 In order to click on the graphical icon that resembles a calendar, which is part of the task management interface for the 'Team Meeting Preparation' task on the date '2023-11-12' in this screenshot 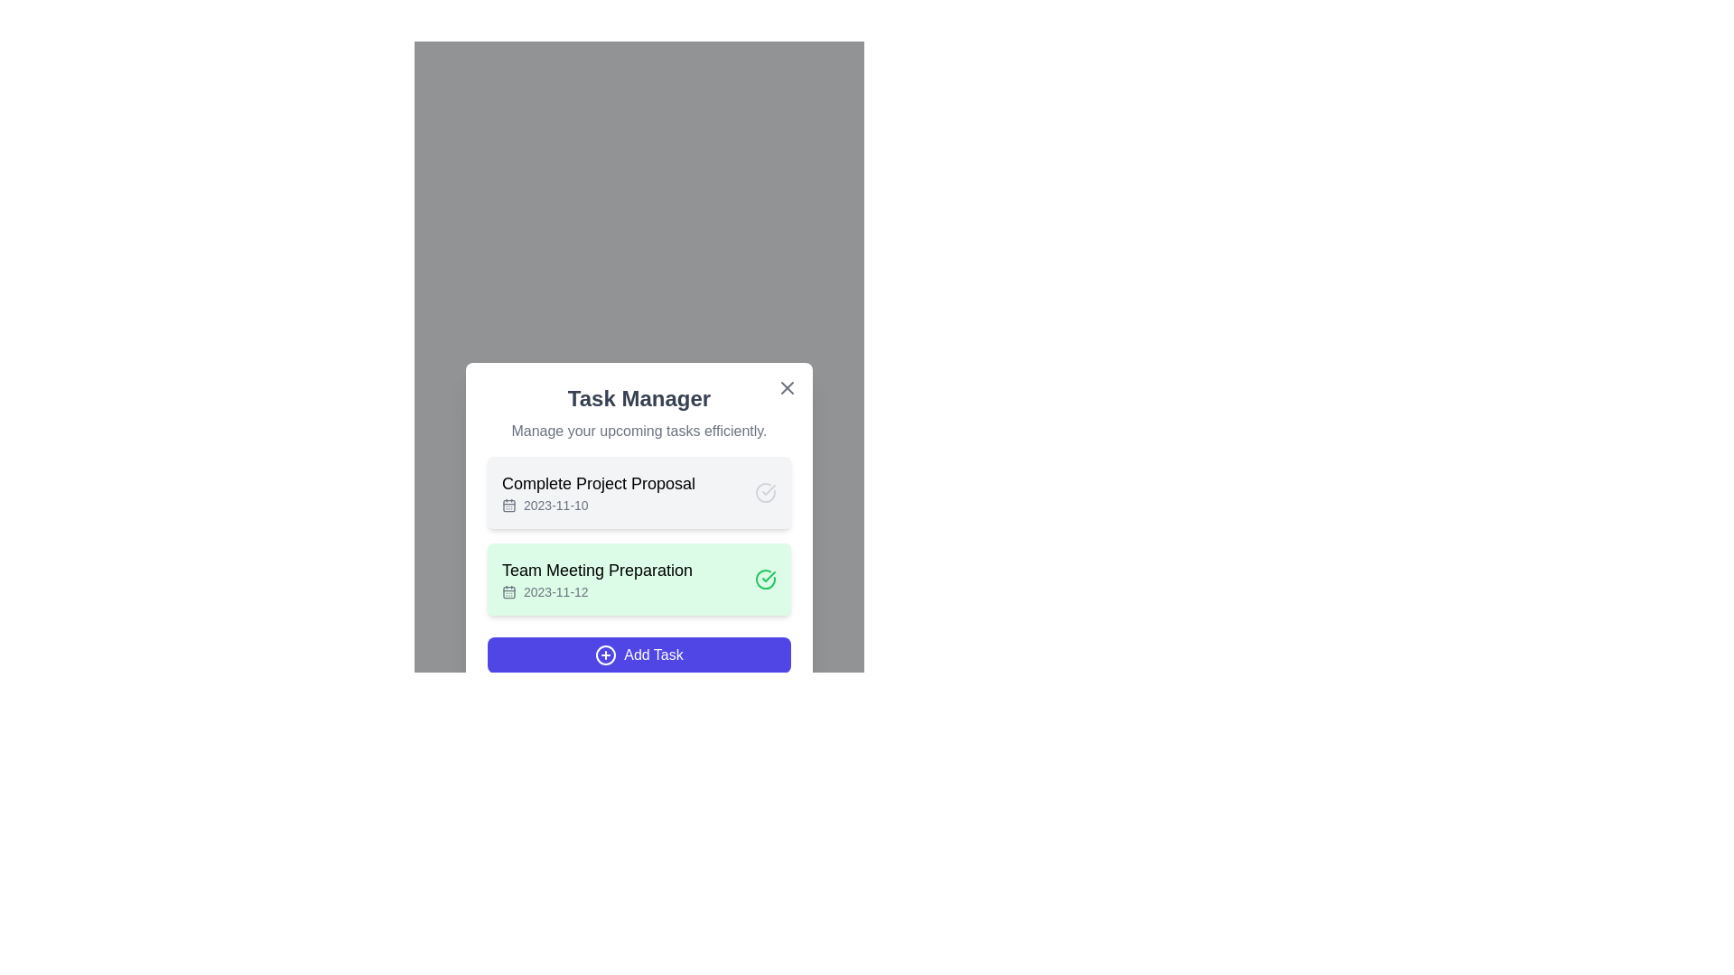, I will do `click(508, 591)`.